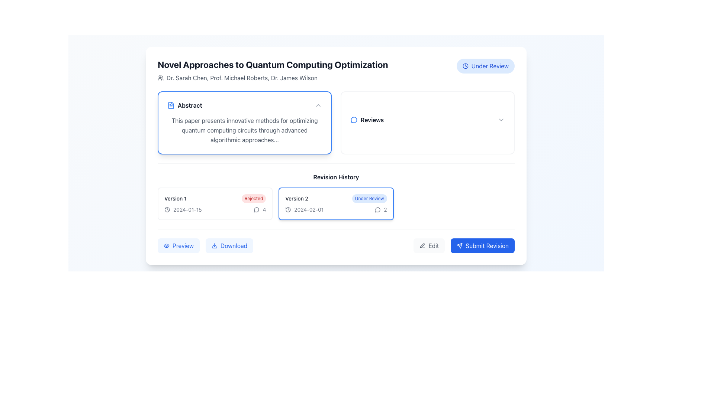 The image size is (714, 401). Describe the element at coordinates (464, 246) in the screenshot. I see `the submit revisions button located at the bottom right of the interface` at that location.